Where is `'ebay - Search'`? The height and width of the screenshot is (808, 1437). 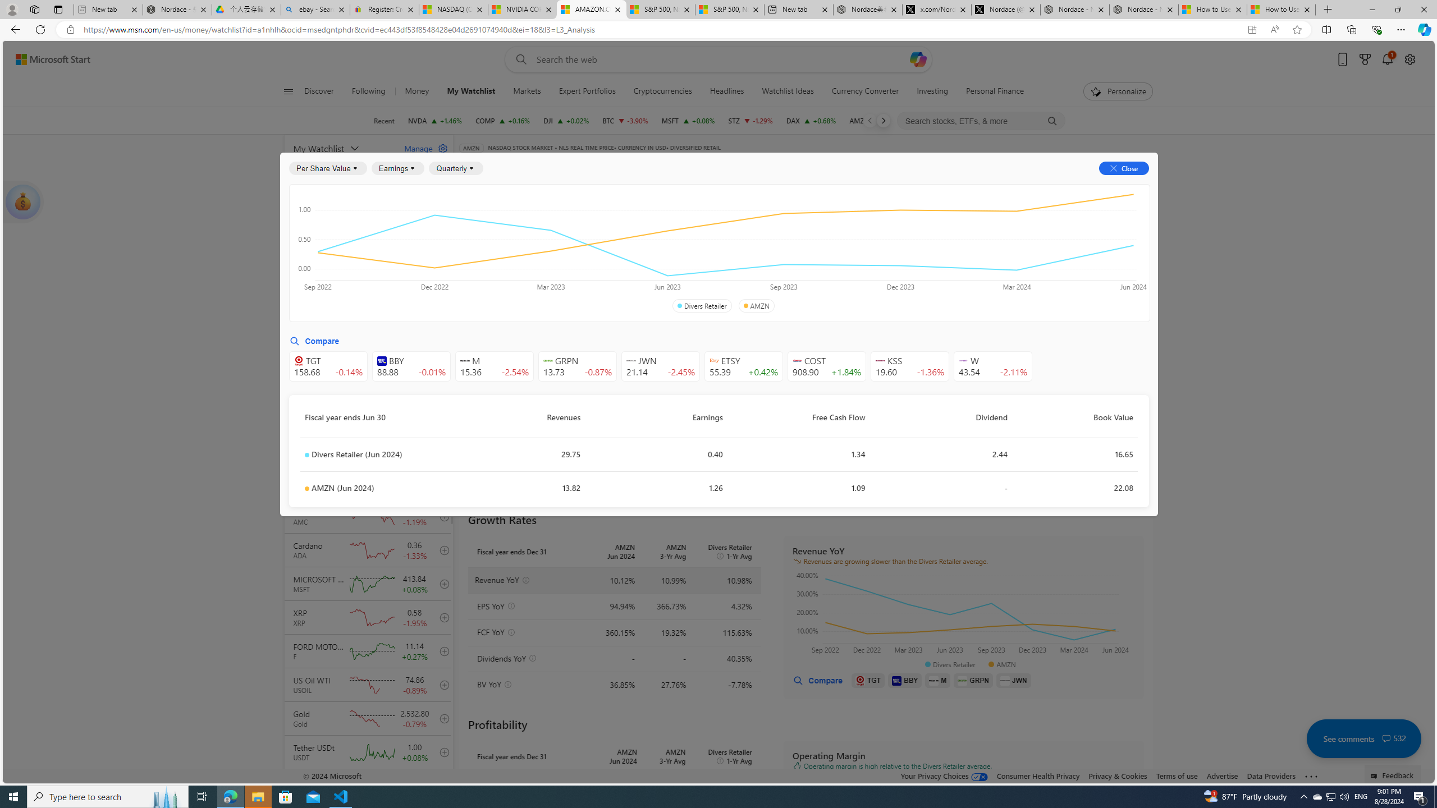 'ebay - Search' is located at coordinates (314, 9).